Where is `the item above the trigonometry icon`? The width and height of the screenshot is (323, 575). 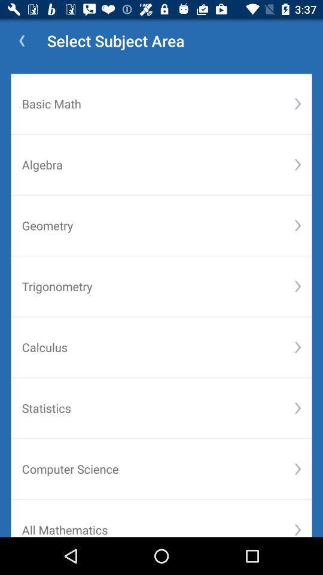
the item above the trigonometry icon is located at coordinates (158, 225).